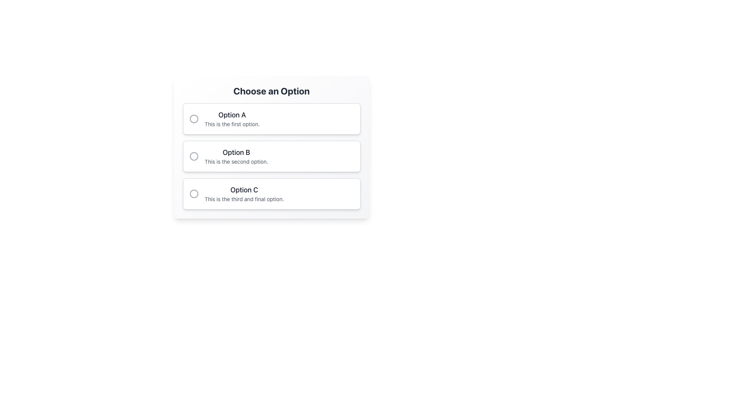 The width and height of the screenshot is (735, 413). Describe the element at coordinates (244, 198) in the screenshot. I see `the descriptive text reading 'This is the third and final option.' located below 'Option C' in the selection panel labeled 'Choose an Option.'` at that location.